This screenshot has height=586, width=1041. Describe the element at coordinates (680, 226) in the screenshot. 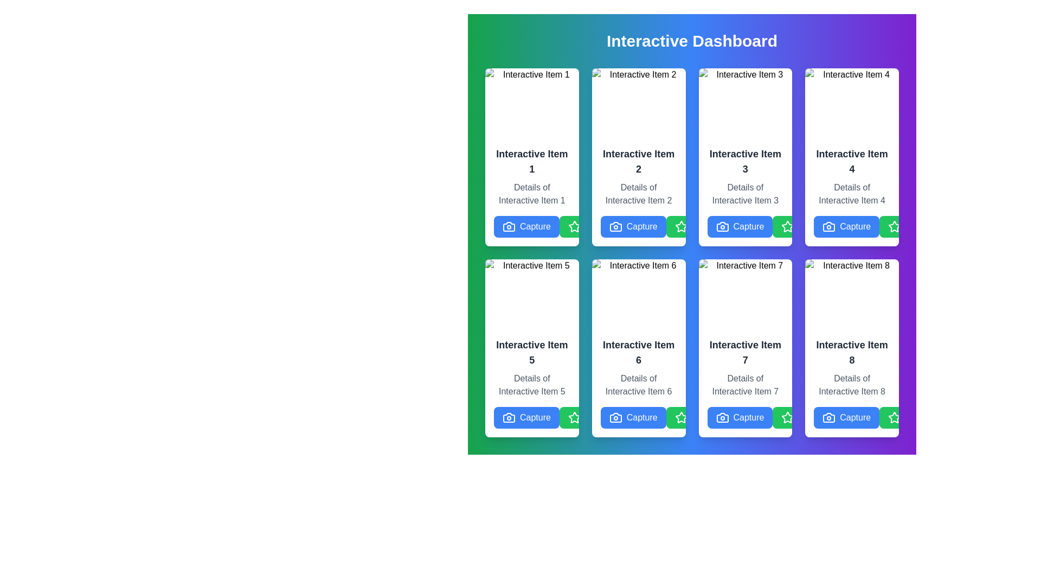

I see `the green star toggle button icon located in the lower-right corner of the second card in the top row` at that location.